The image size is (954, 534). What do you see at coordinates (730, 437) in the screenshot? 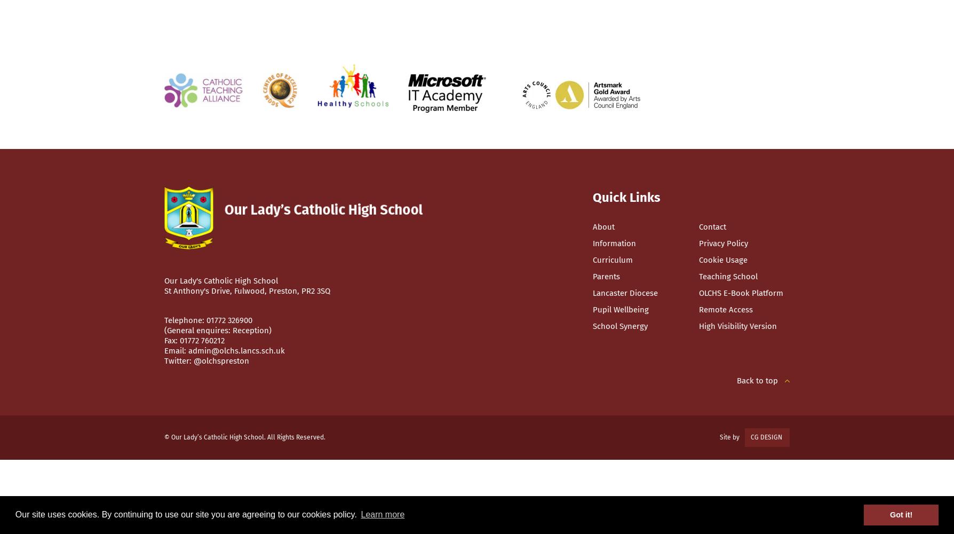
I see `'Site by'` at bounding box center [730, 437].